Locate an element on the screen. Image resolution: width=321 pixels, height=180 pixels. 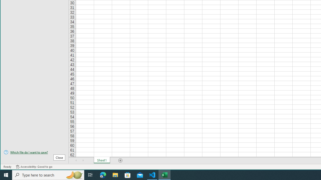
'Microsoft Store' is located at coordinates (128, 174).